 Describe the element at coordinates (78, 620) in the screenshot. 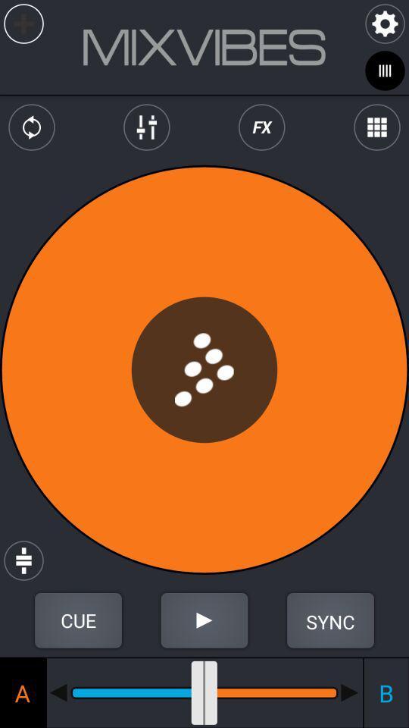

I see `cue button` at that location.